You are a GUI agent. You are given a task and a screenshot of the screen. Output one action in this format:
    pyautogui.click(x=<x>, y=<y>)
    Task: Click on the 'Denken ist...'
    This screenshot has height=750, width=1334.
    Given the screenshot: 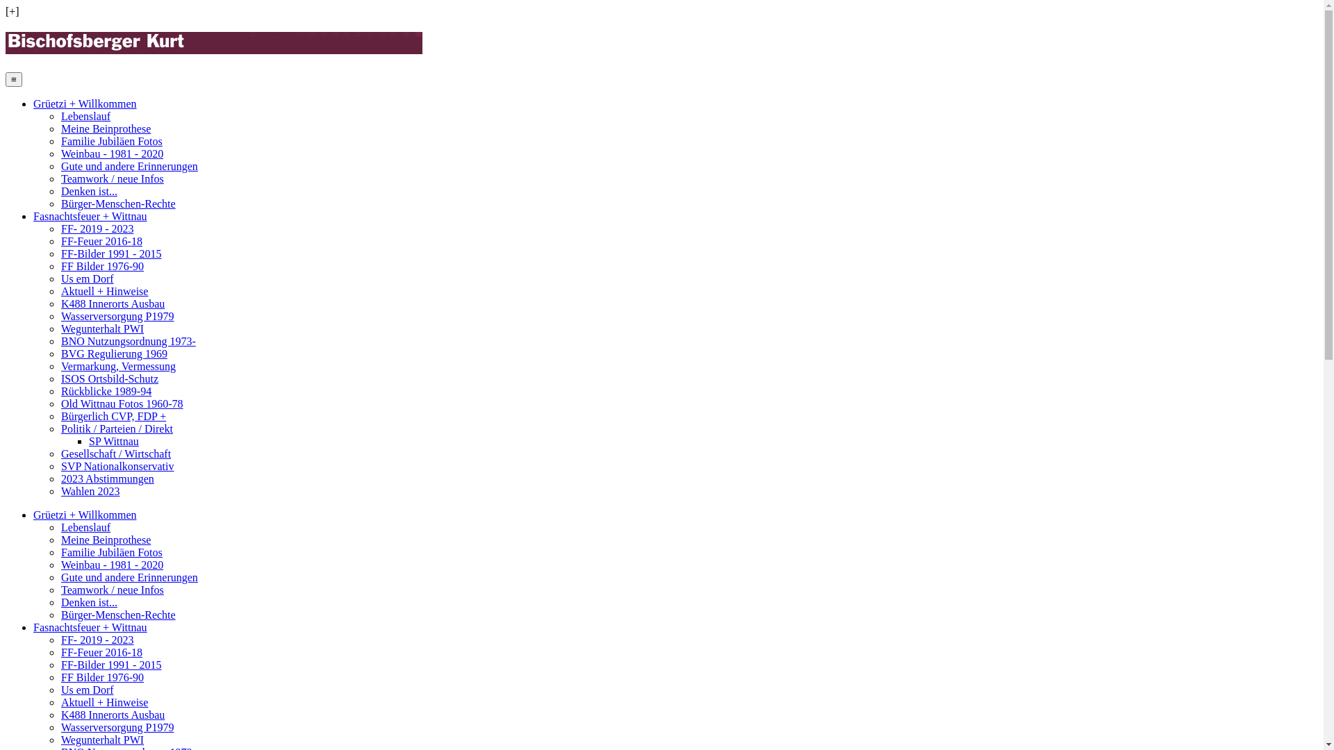 What is the action you would take?
    pyautogui.click(x=88, y=601)
    